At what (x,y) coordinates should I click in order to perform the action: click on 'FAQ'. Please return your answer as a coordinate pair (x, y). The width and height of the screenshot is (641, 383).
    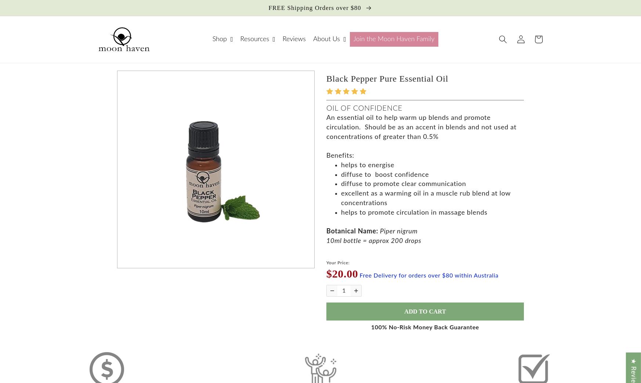
    Looking at the image, I should click on (174, 74).